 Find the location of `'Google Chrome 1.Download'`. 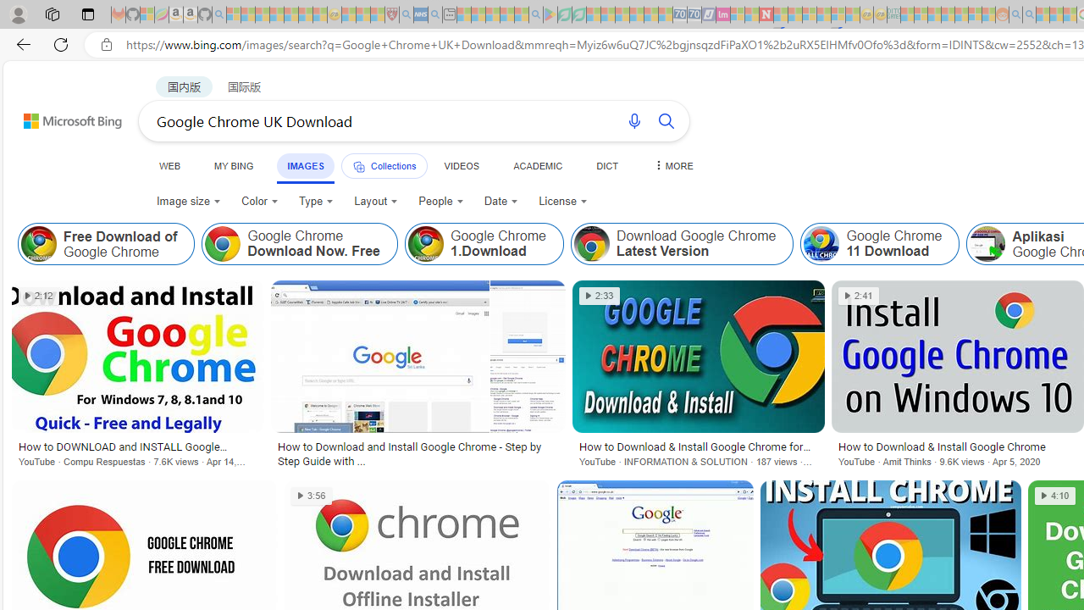

'Google Chrome 1.Download' is located at coordinates (483, 244).